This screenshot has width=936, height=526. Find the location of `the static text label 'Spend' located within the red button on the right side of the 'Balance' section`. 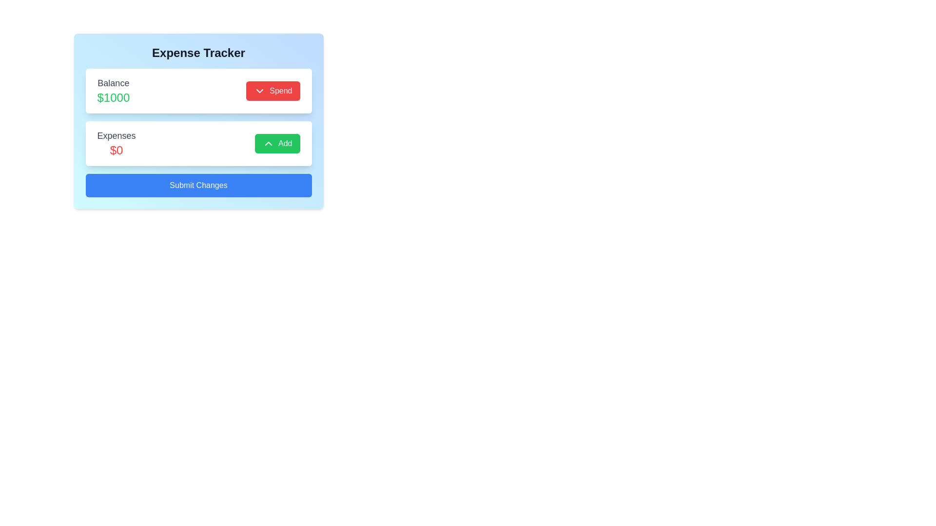

the static text label 'Spend' located within the red button on the right side of the 'Balance' section is located at coordinates (280, 91).